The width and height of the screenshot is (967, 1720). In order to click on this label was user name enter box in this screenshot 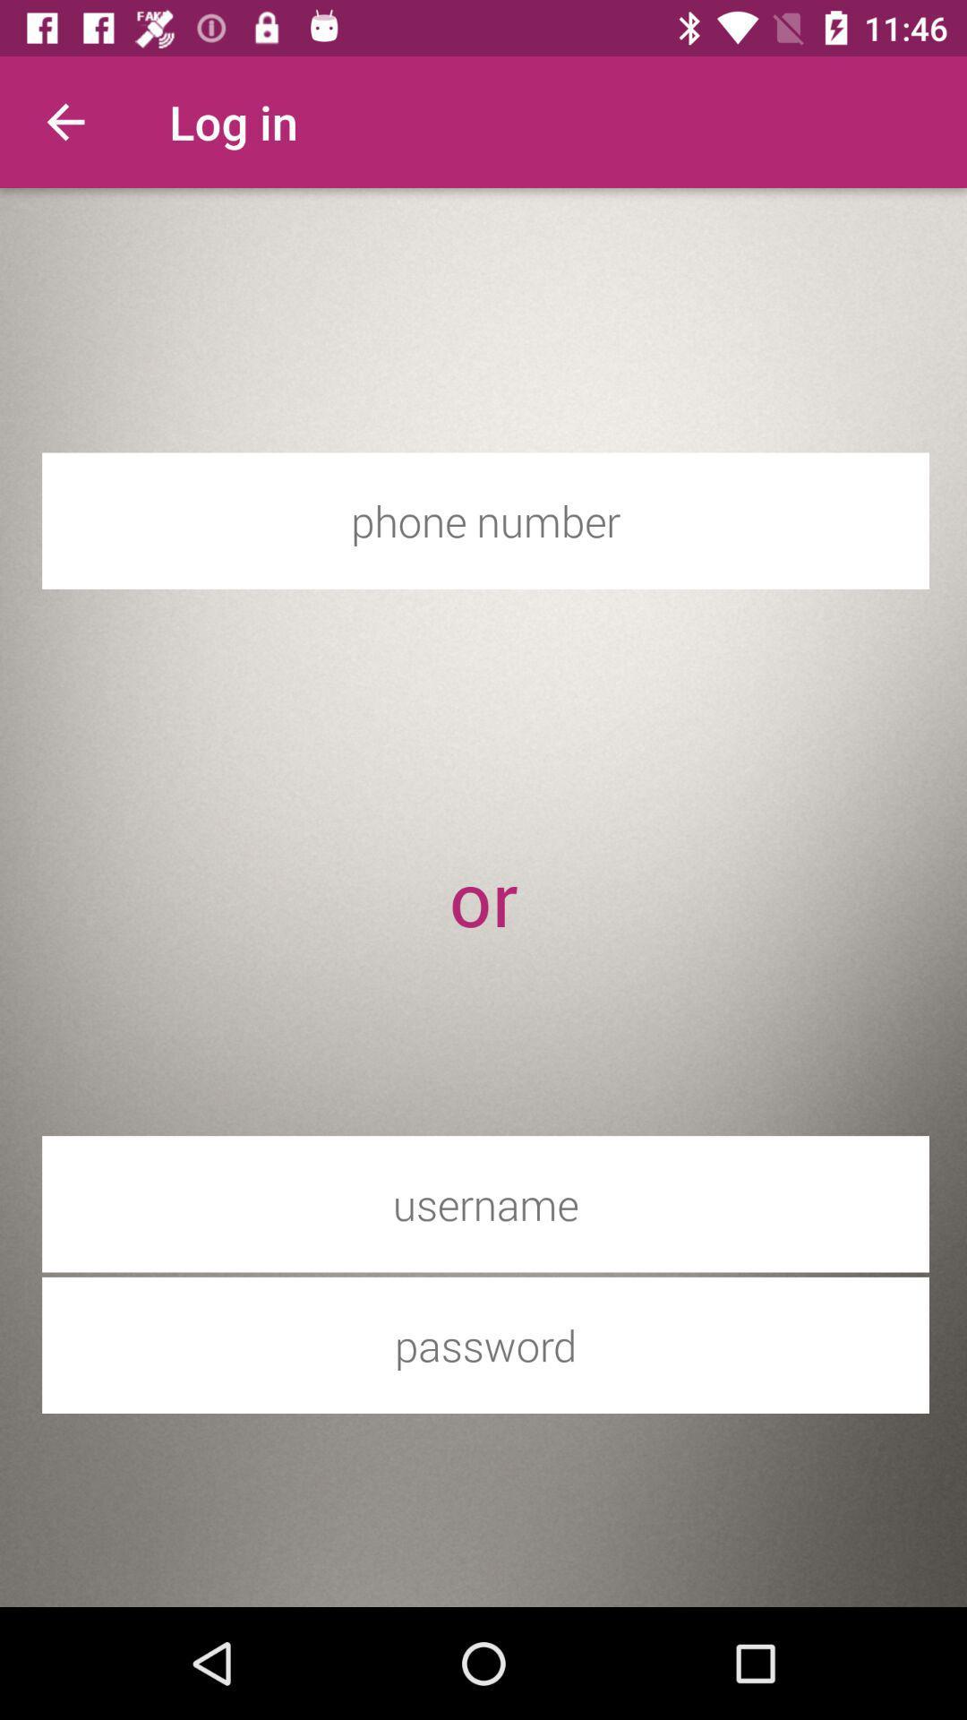, I will do `click(485, 1204)`.